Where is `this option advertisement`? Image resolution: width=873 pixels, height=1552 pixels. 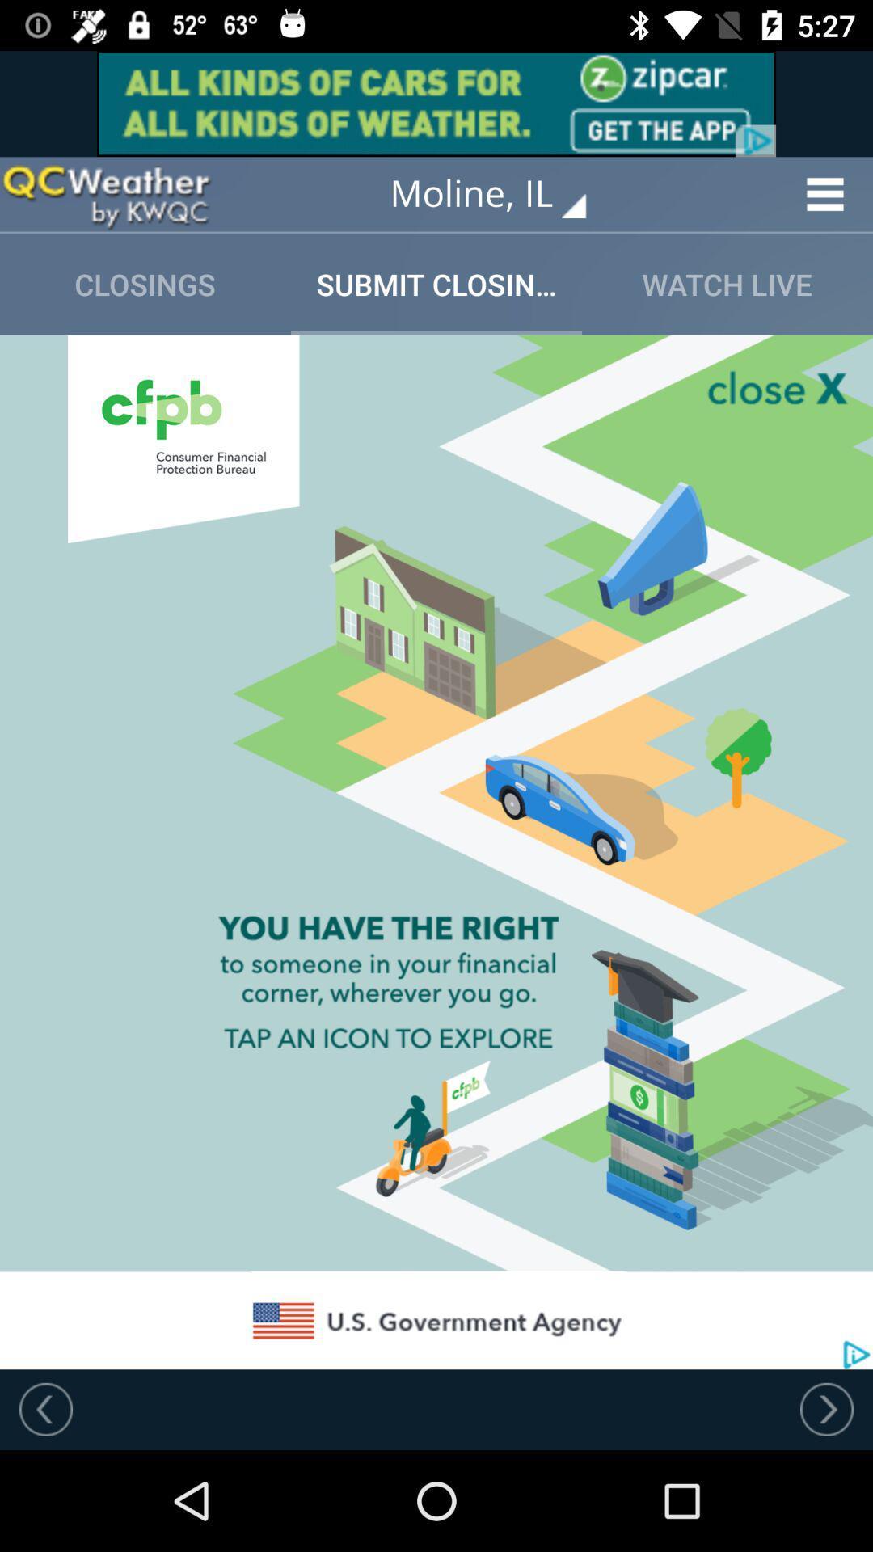 this option advertisement is located at coordinates (106, 194).